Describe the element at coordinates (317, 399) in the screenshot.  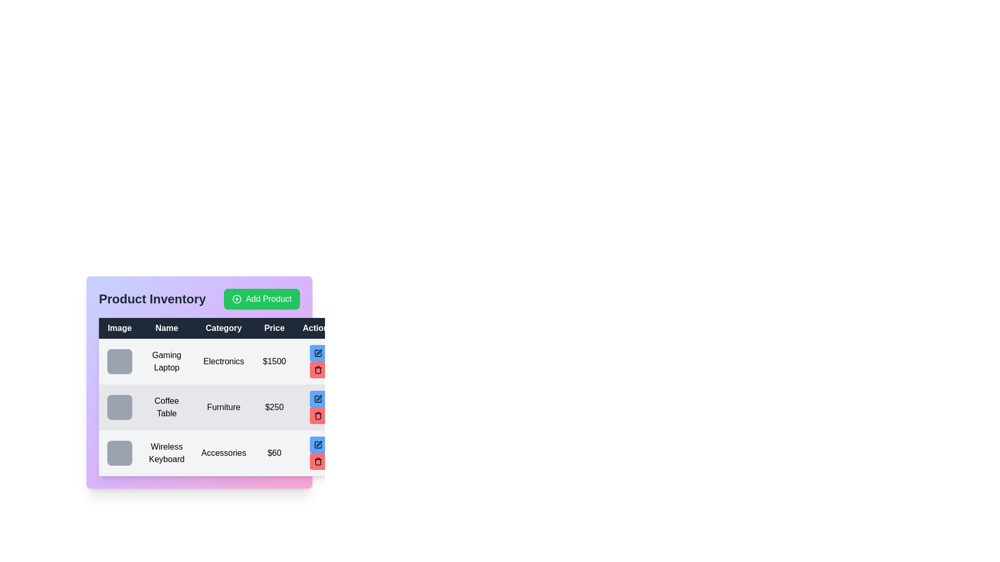
I see `the blue outline icon button depicting a square with a pen overlay to initiate the edit action for the product 'Coffee Table'` at that location.